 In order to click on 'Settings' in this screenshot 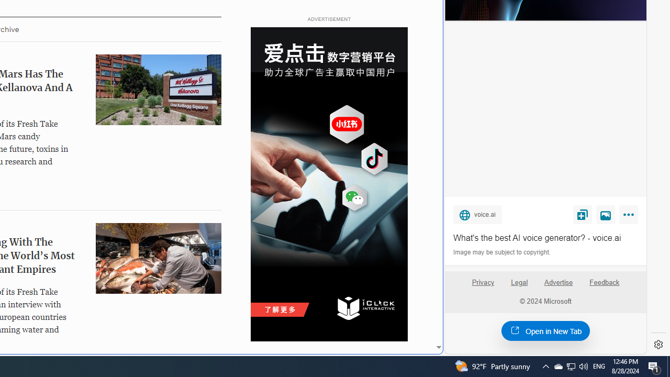, I will do `click(658, 345)`.